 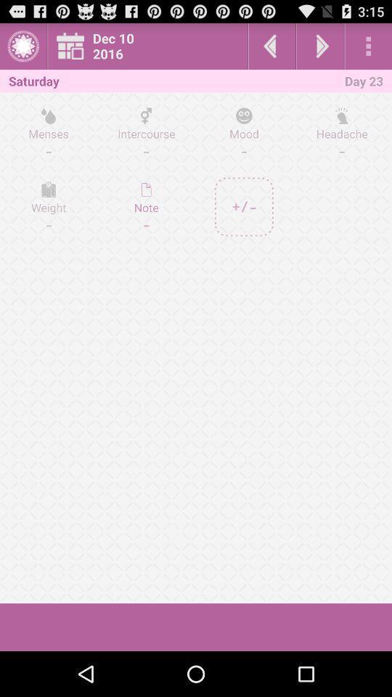 I want to click on the icon to the right of intercourse, so click(x=244, y=133).